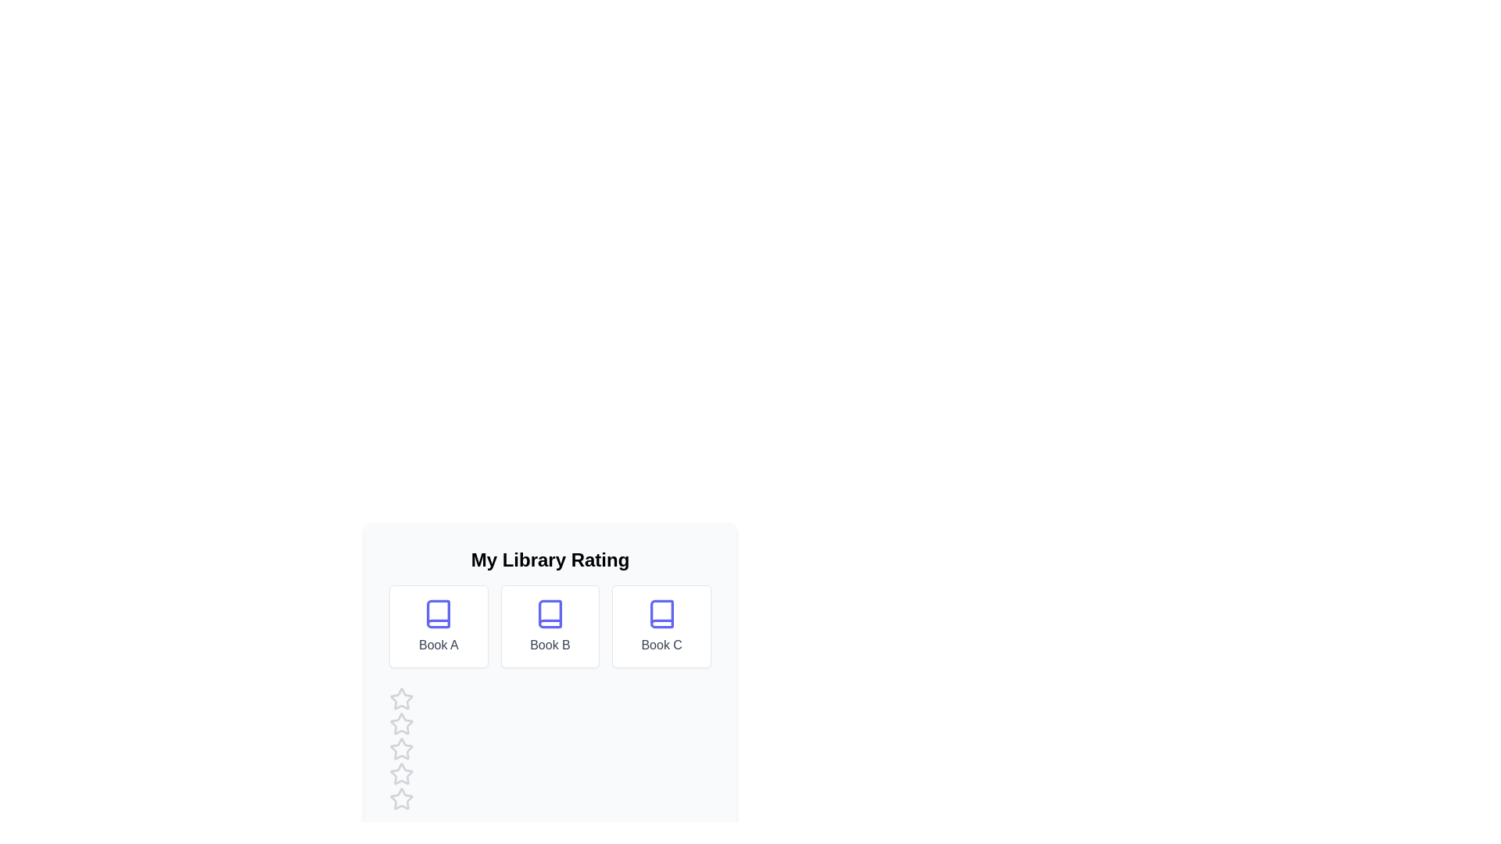  Describe the element at coordinates (661, 645) in the screenshot. I see `the book name Book C to select the text` at that location.